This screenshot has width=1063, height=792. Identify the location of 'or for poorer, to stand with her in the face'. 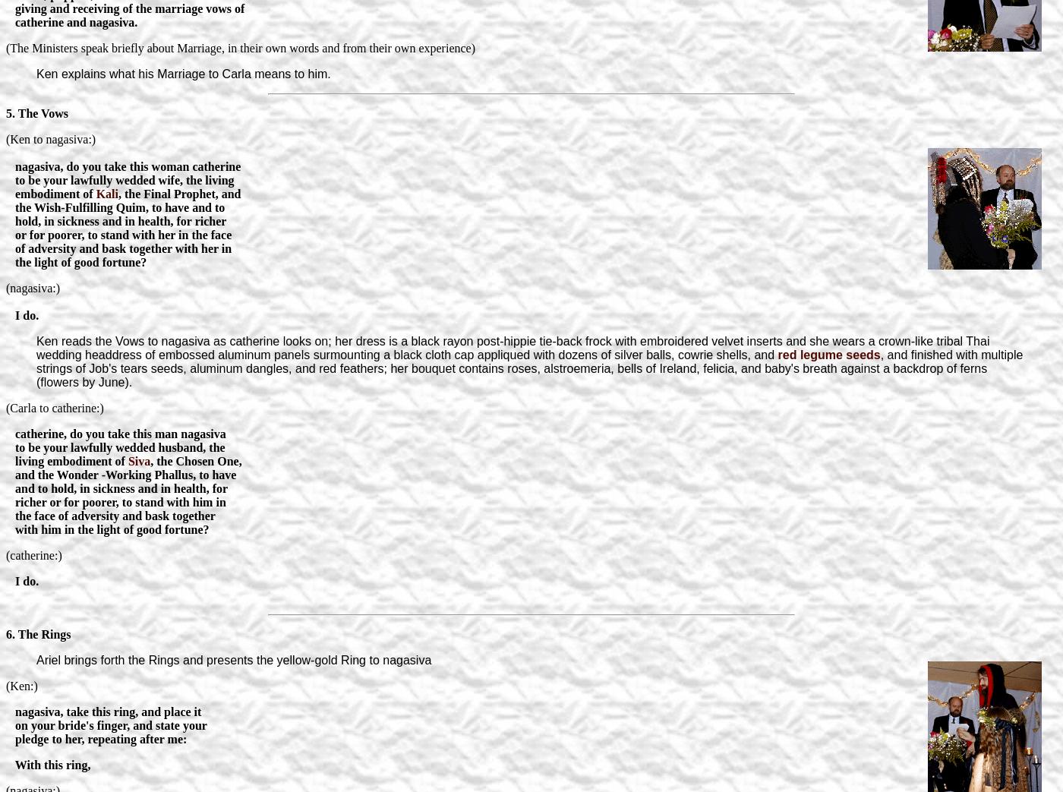
(118, 233).